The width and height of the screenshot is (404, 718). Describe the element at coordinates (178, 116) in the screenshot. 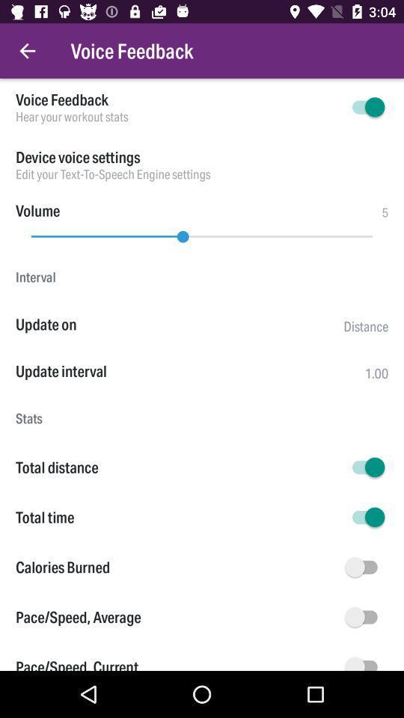

I see `icon below voice feedback icon` at that location.